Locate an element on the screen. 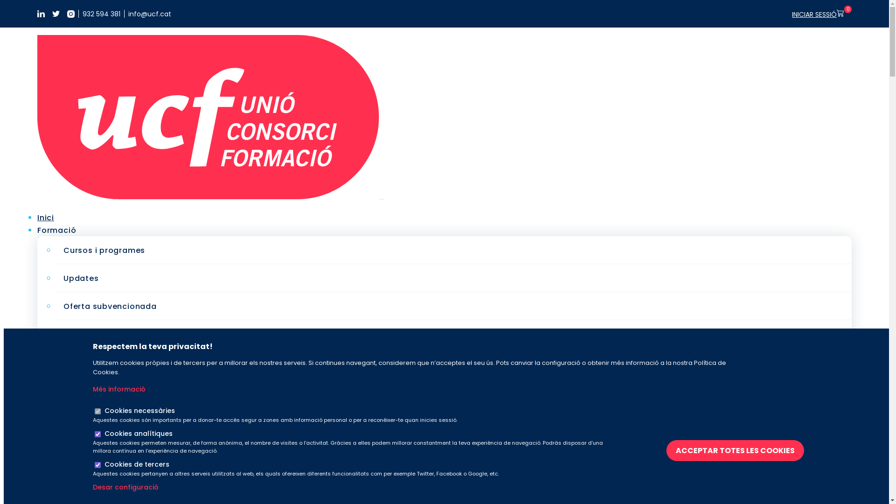 The height and width of the screenshot is (504, 896). '0' is located at coordinates (837, 14).